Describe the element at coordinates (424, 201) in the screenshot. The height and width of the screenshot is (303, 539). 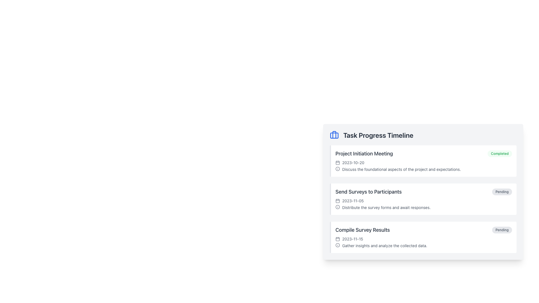
I see `the date display element located in the second task block labeled 'Send Surveys to Participants' in the 'Task Progress Timeline' section, positioned below the task title and above the task description` at that location.